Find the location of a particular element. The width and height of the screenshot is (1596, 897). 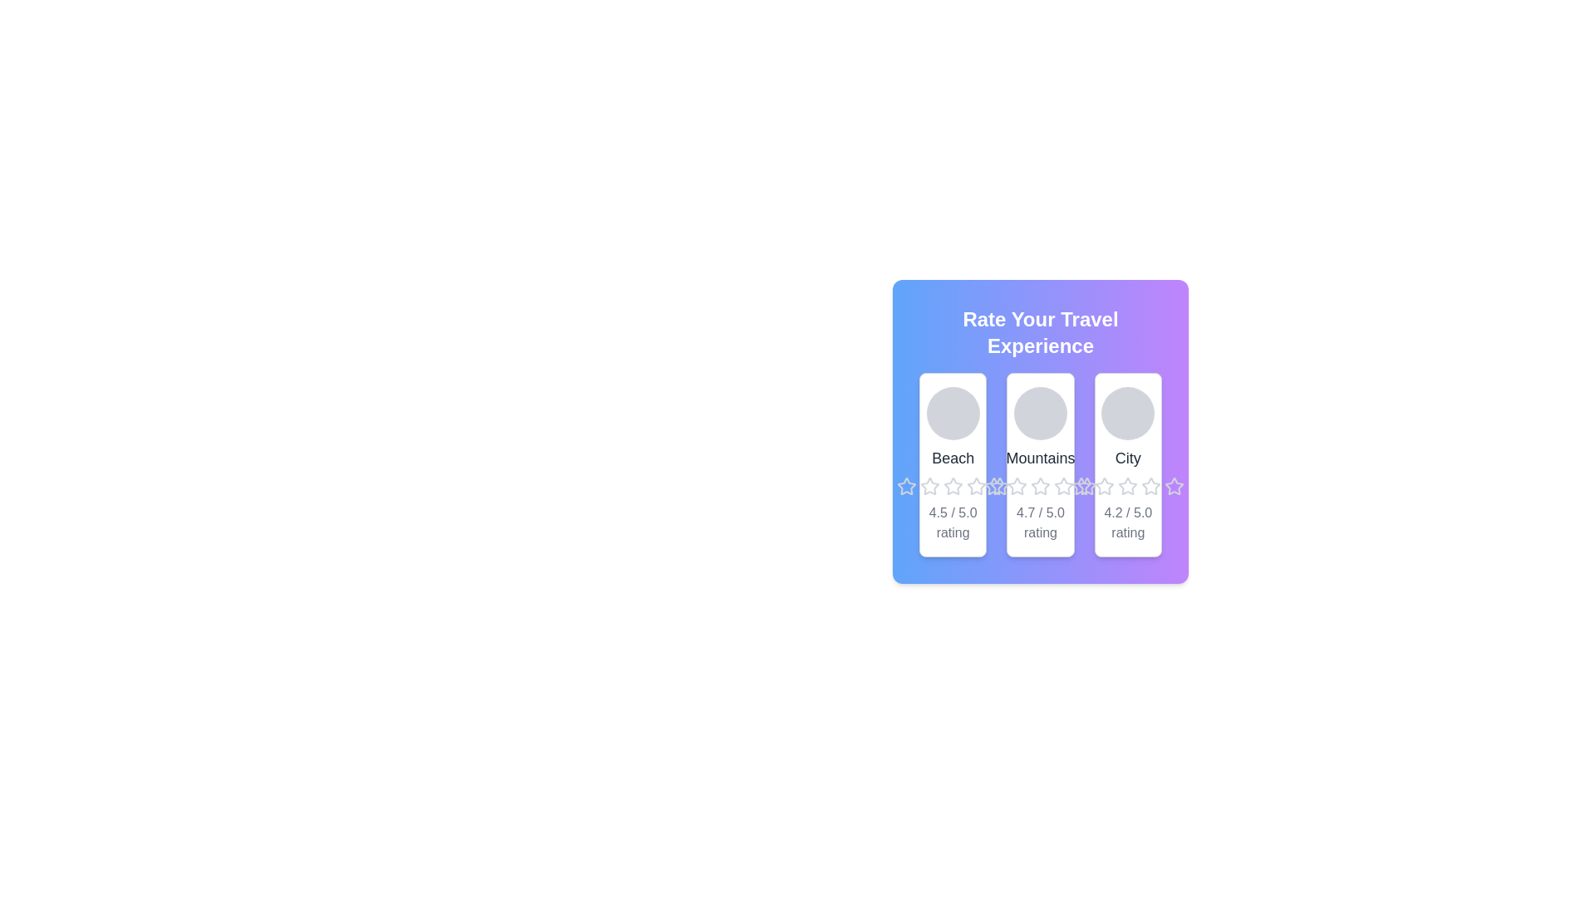

the second star in the five-star rating module for the 'Mountains' category is located at coordinates (1081, 486).